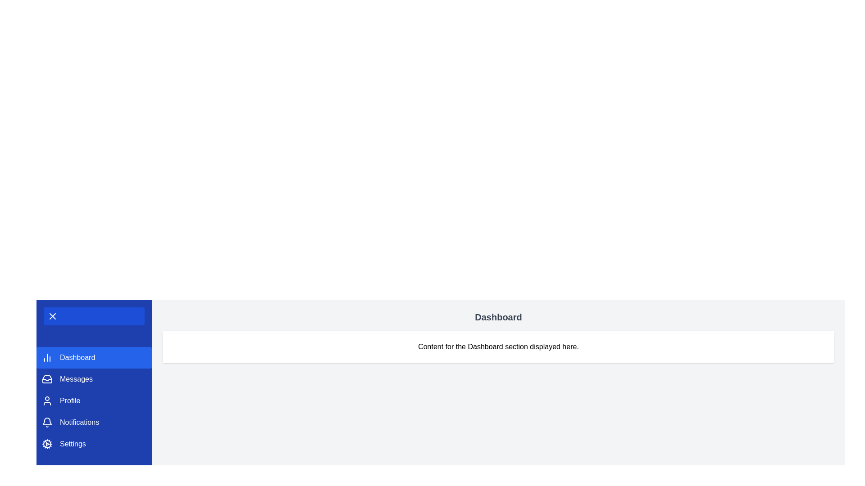 This screenshot has height=486, width=865. What do you see at coordinates (79, 422) in the screenshot?
I see `the 'Notifications' text label in the left-side vertical menu list` at bounding box center [79, 422].